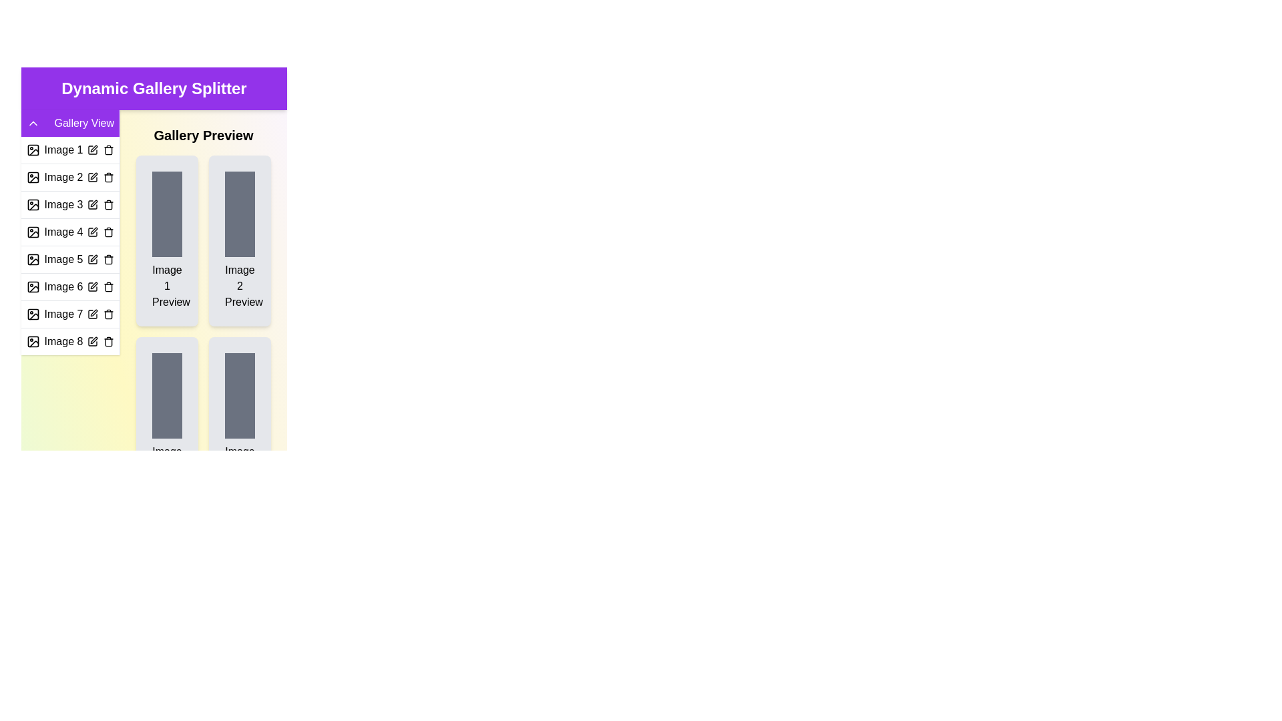 The width and height of the screenshot is (1282, 721). Describe the element at coordinates (63, 205) in the screenshot. I see `the text label displaying 'Image 3' located in the left panel labeled 'Gallery View', positioned between 'Image 2' and 'Image 4'` at that location.